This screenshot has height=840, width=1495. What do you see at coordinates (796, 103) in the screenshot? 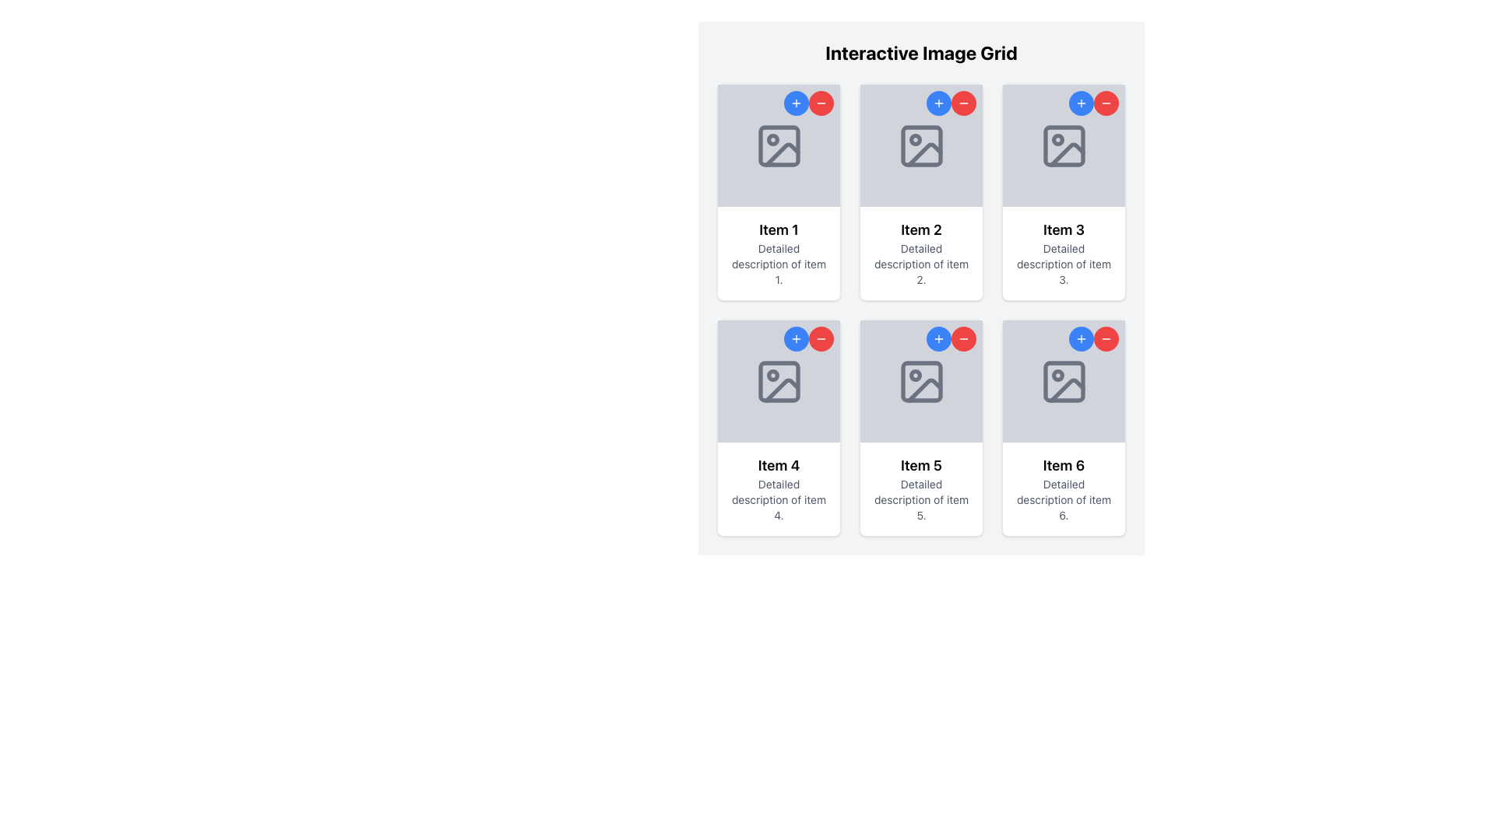
I see `the interactive button located in the top right corner of the first item's card` at bounding box center [796, 103].